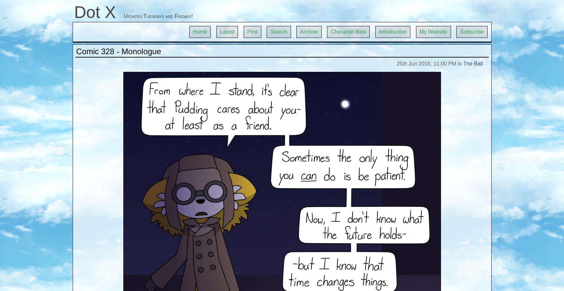 Image resolution: width=564 pixels, height=291 pixels. What do you see at coordinates (330, 32) in the screenshot?
I see `'Character Bios'` at bounding box center [330, 32].